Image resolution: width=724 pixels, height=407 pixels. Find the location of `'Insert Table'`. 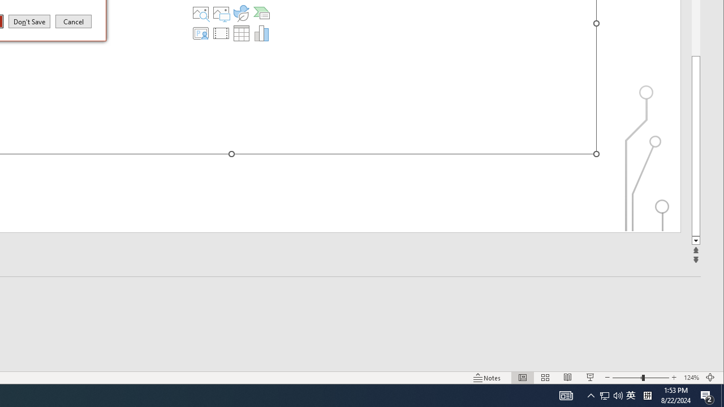

'Insert Table' is located at coordinates (240, 33).